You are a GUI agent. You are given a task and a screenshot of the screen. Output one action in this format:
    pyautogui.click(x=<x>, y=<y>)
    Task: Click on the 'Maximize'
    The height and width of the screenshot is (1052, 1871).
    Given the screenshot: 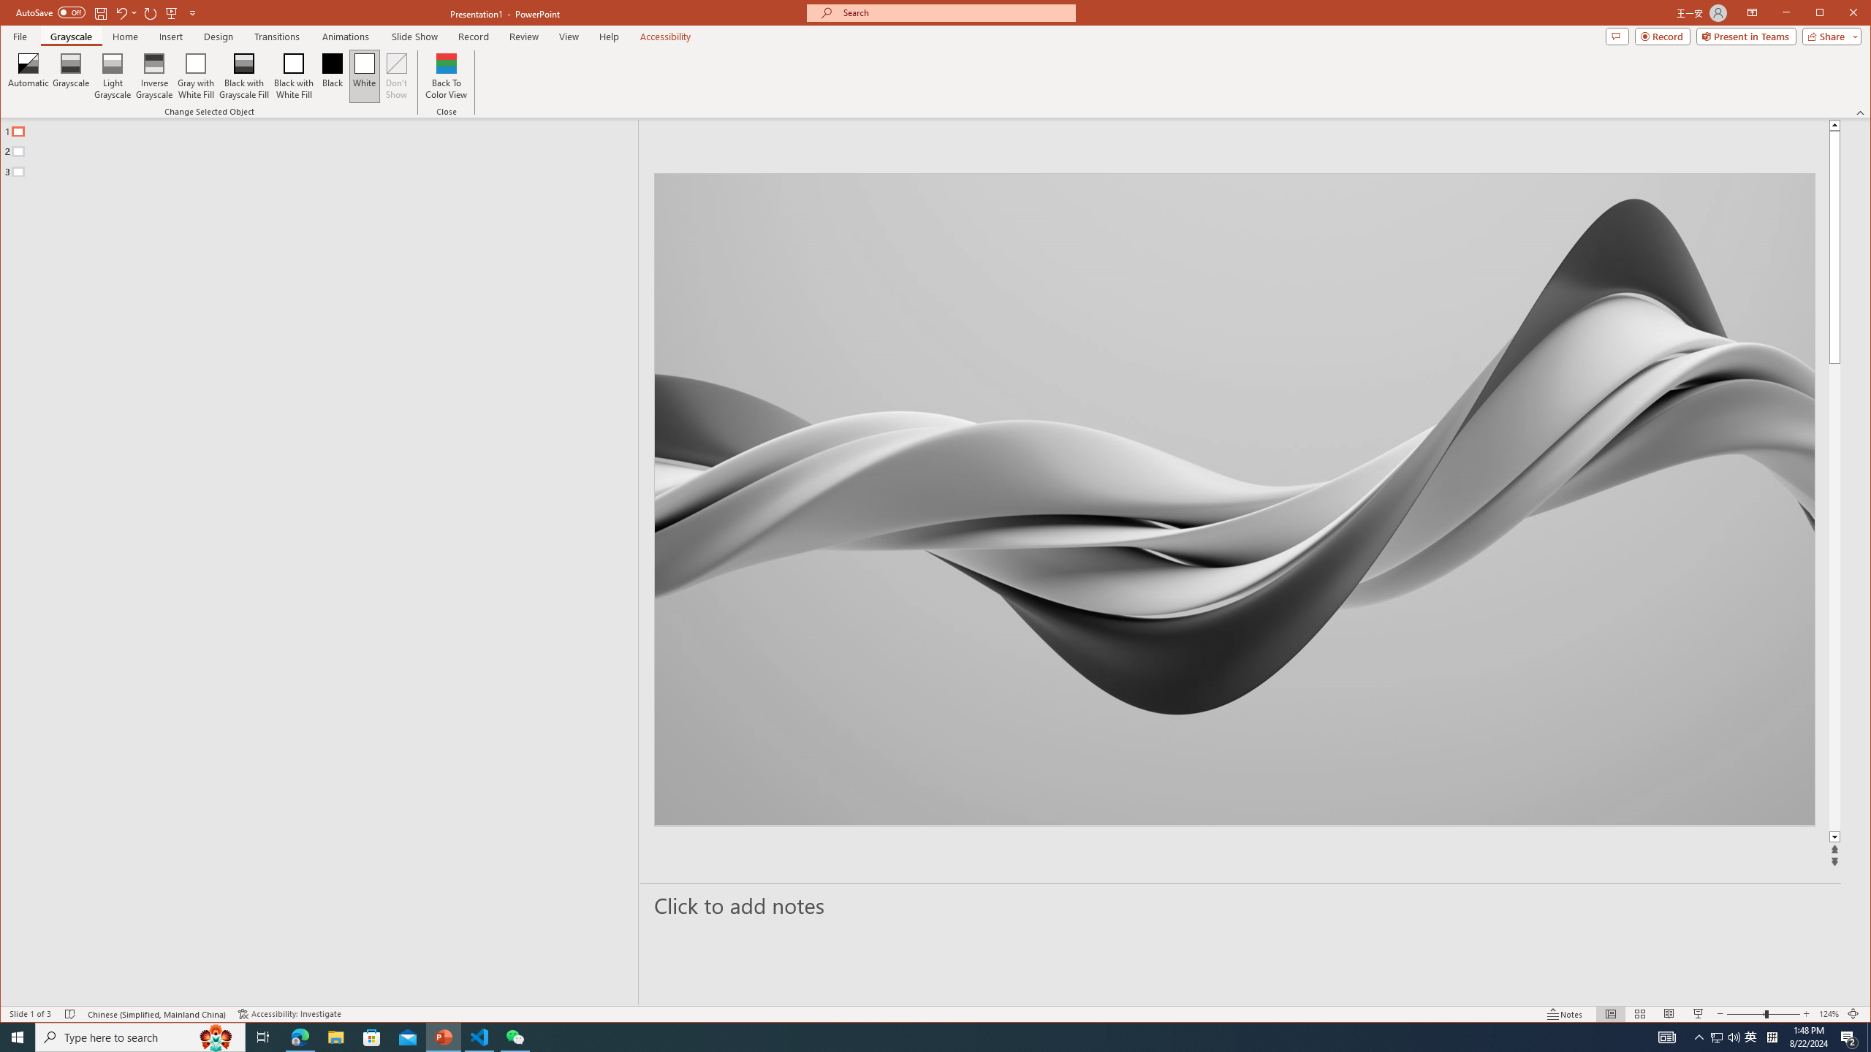 What is the action you would take?
    pyautogui.click(x=1841, y=14)
    